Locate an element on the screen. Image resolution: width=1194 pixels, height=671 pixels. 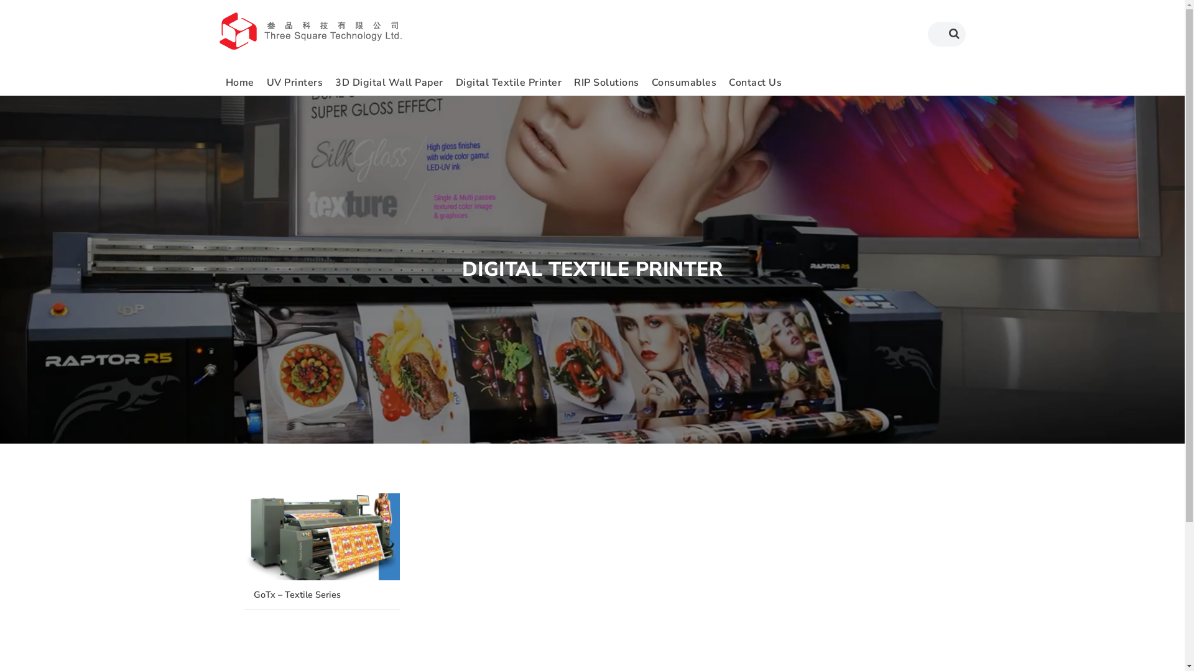
'RIP Solutions' is located at coordinates (606, 82).